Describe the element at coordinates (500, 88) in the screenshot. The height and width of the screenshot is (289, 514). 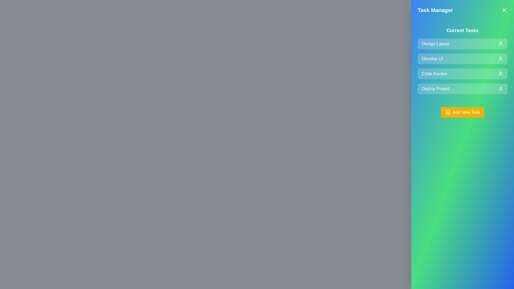
I see `the user icon represented by a small circular figure with a person's silhouette in white on a light green background, located in the last row under 'Current Tasks' in the 'Task Manager' pane` at that location.